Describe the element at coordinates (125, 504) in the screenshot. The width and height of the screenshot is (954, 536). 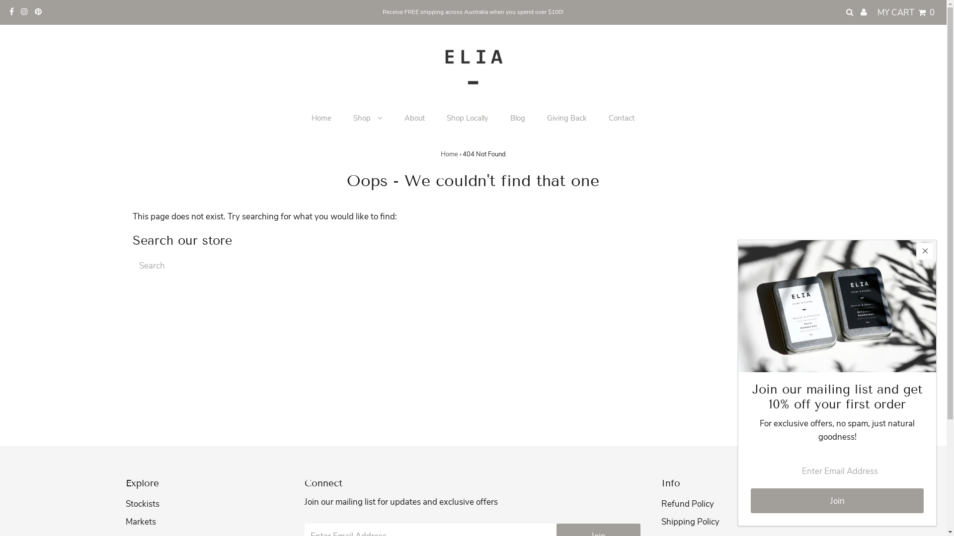
I see `'Stockists'` at that location.